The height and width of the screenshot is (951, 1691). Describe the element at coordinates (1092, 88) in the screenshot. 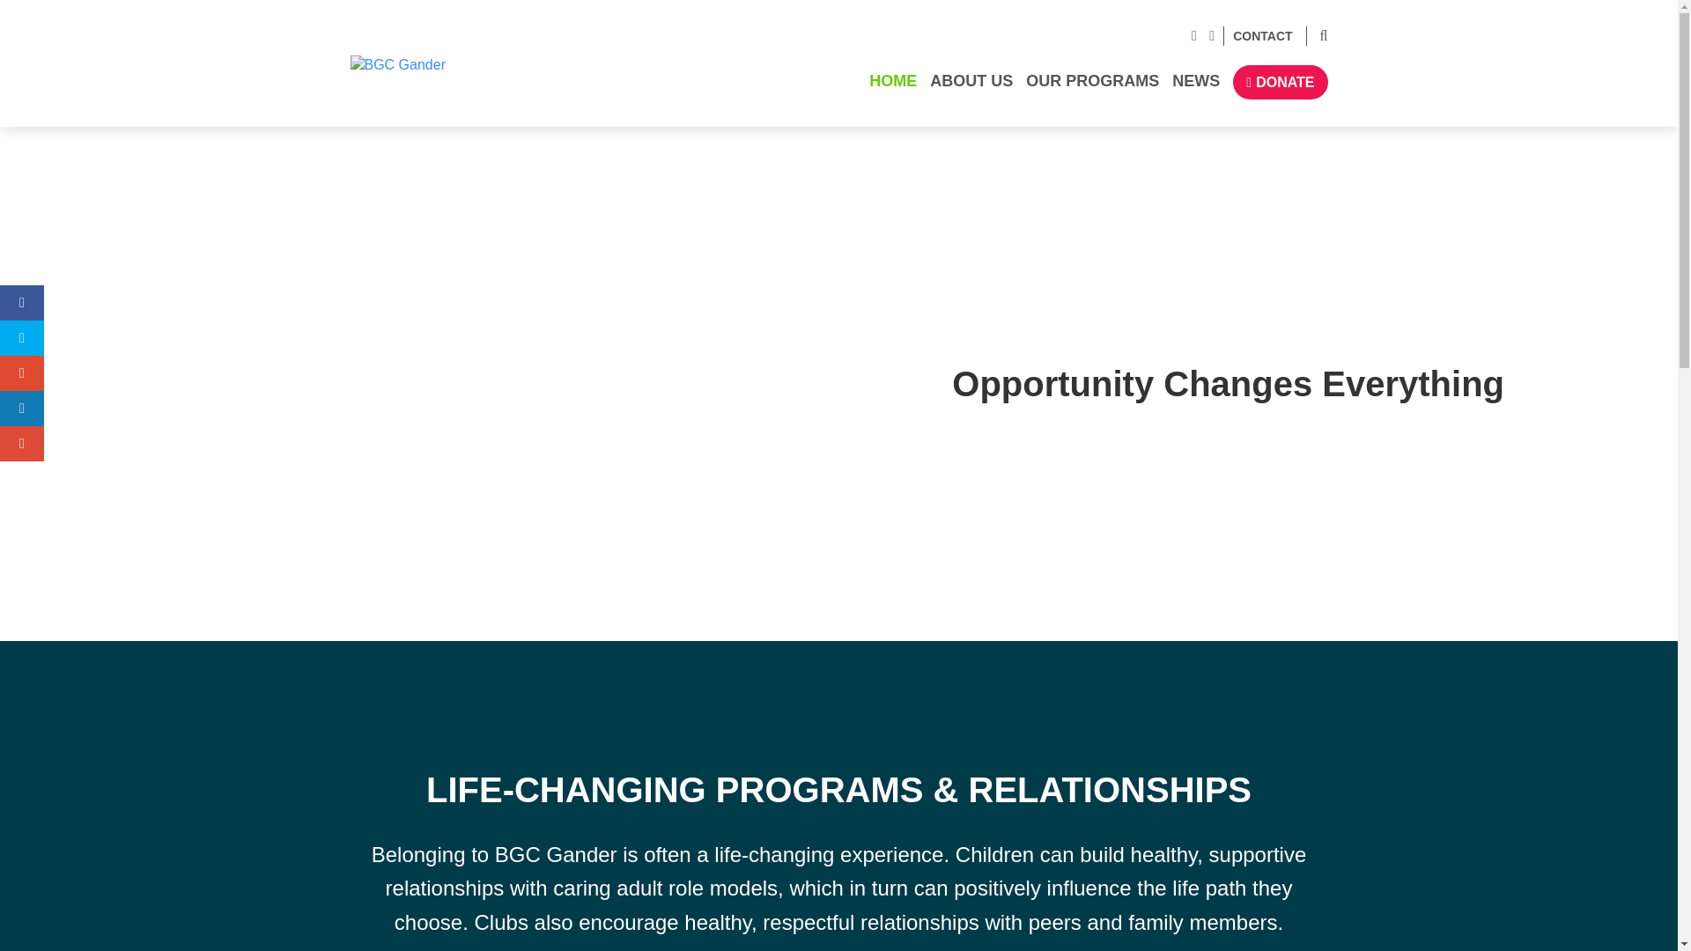

I see `'OUR PROGRAMS'` at that location.